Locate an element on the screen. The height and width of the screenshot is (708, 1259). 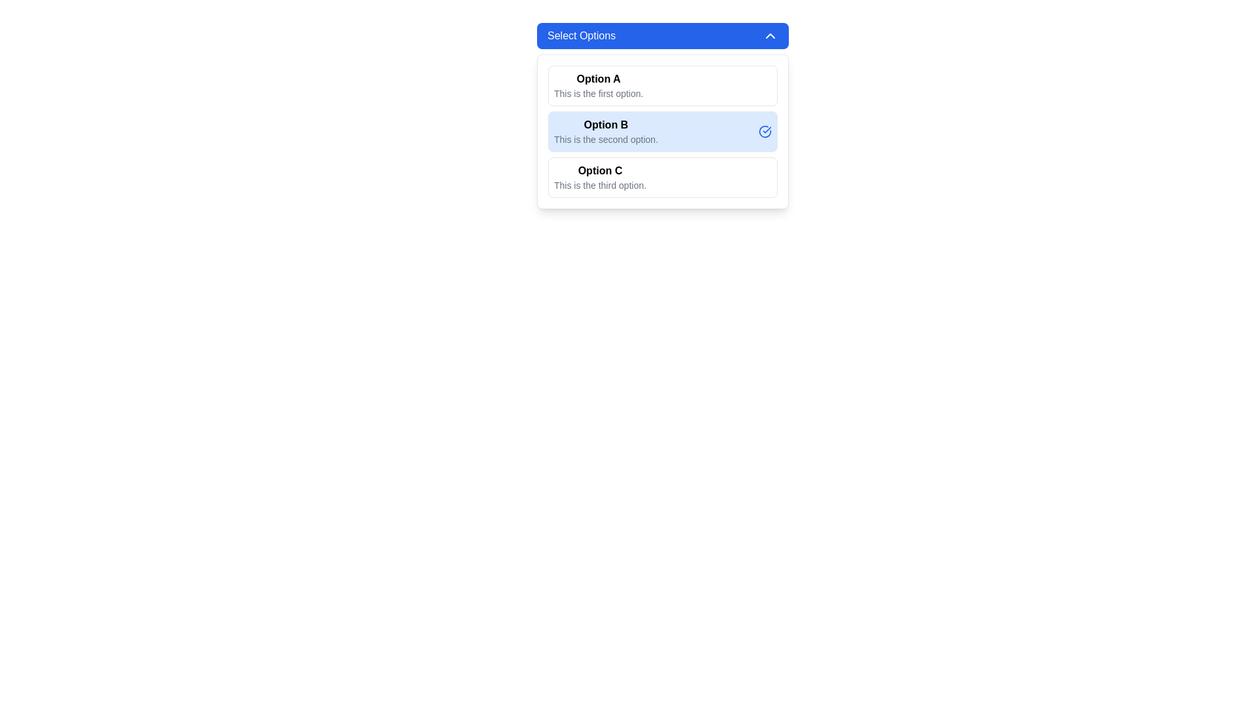
the button-like option selector labeled 'Option A' is located at coordinates (663, 86).